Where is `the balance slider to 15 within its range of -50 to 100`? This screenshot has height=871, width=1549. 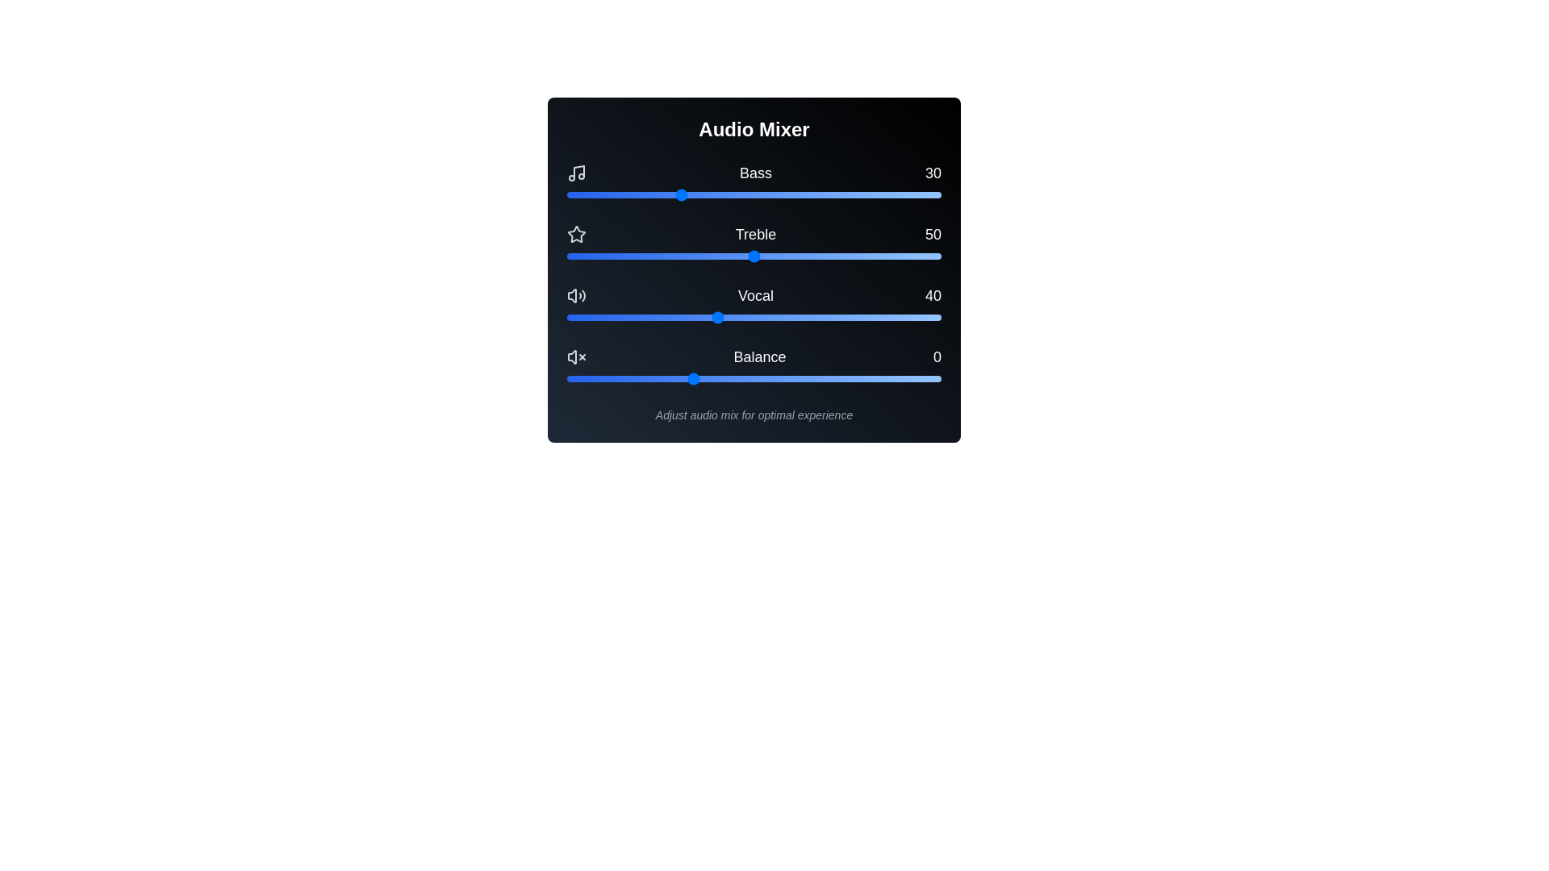
the balance slider to 15 within its range of -50 to 100 is located at coordinates (729, 379).